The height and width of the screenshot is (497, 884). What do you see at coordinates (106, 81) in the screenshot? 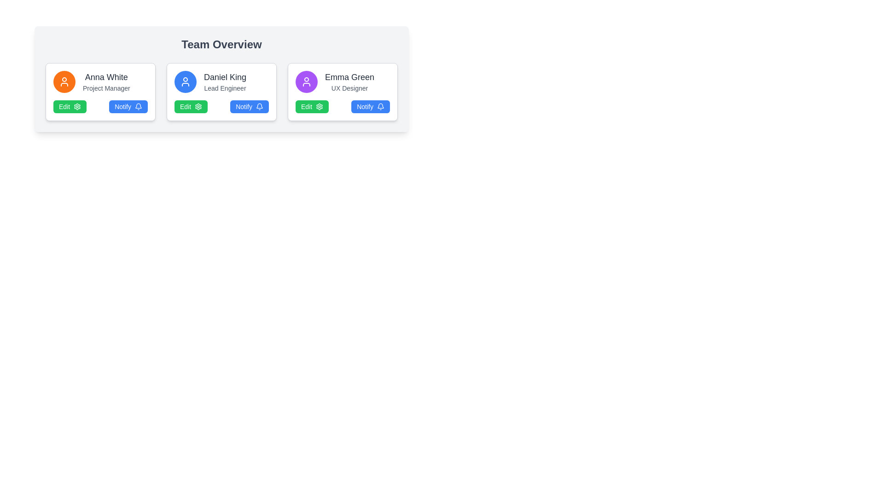
I see `the text content displaying 'Anna White' and 'Project Manager' in the leftmost card under 'Team Overview'` at bounding box center [106, 81].